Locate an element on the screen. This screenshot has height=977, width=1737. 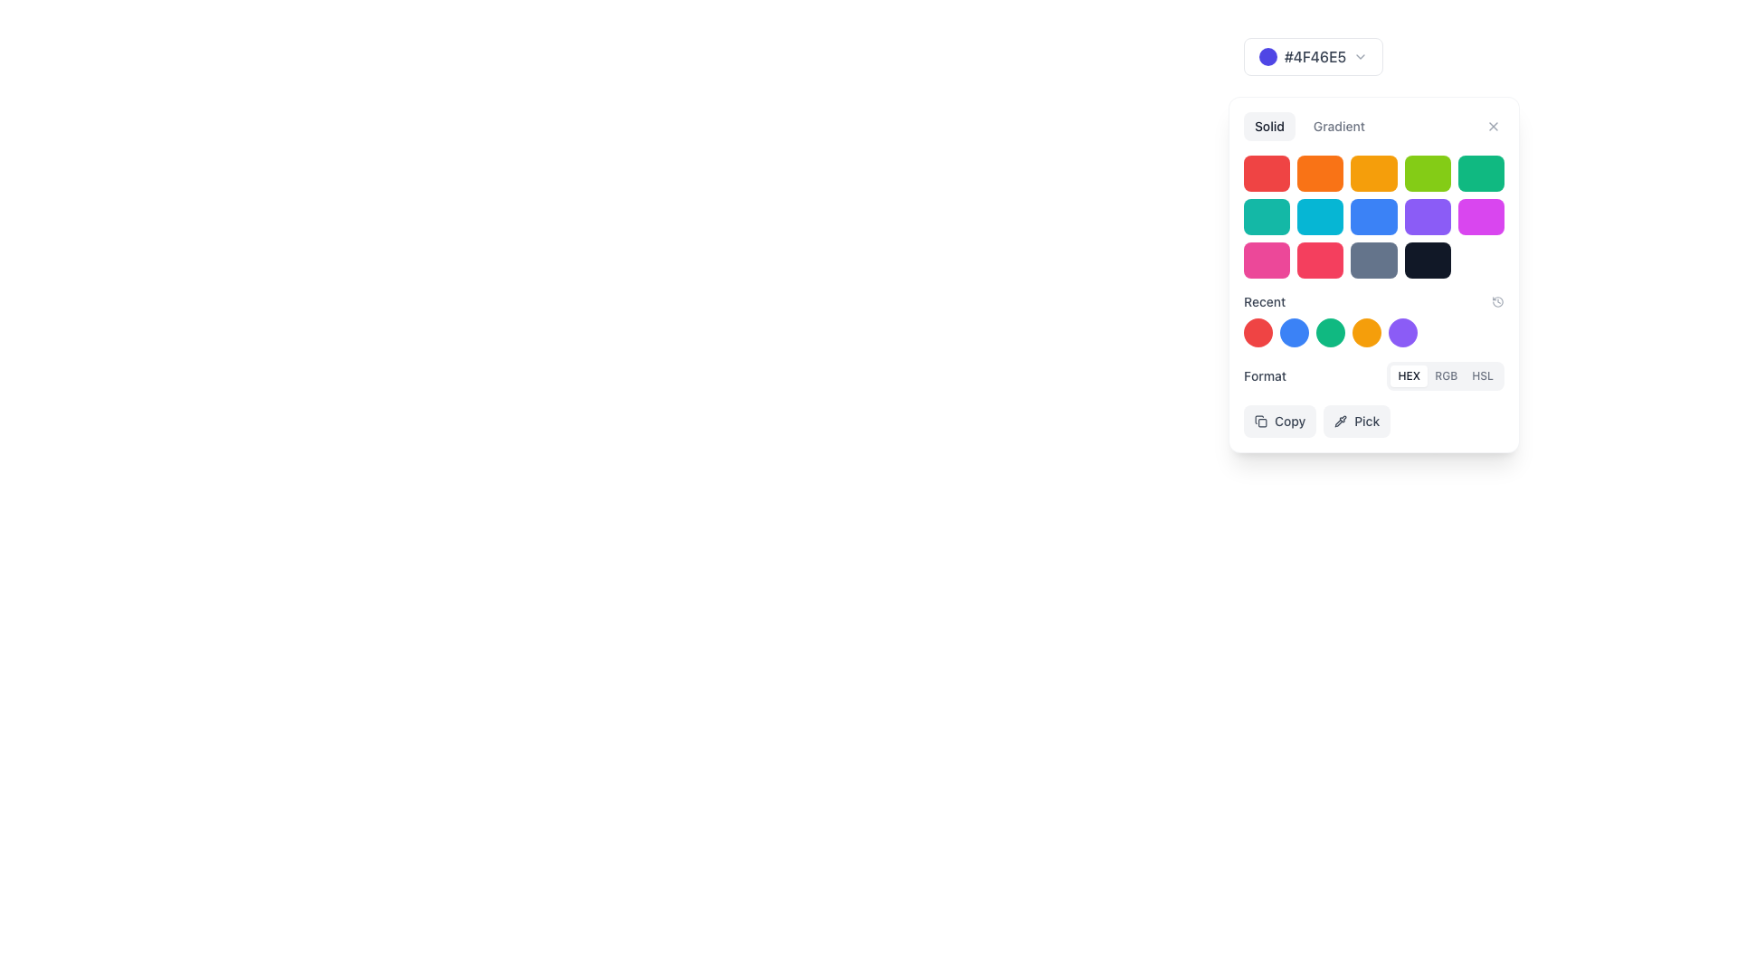
the rectangular button with a greyish blue background and rounded borders located in the third row and third column of the color options grid is located at coordinates (1373, 261).